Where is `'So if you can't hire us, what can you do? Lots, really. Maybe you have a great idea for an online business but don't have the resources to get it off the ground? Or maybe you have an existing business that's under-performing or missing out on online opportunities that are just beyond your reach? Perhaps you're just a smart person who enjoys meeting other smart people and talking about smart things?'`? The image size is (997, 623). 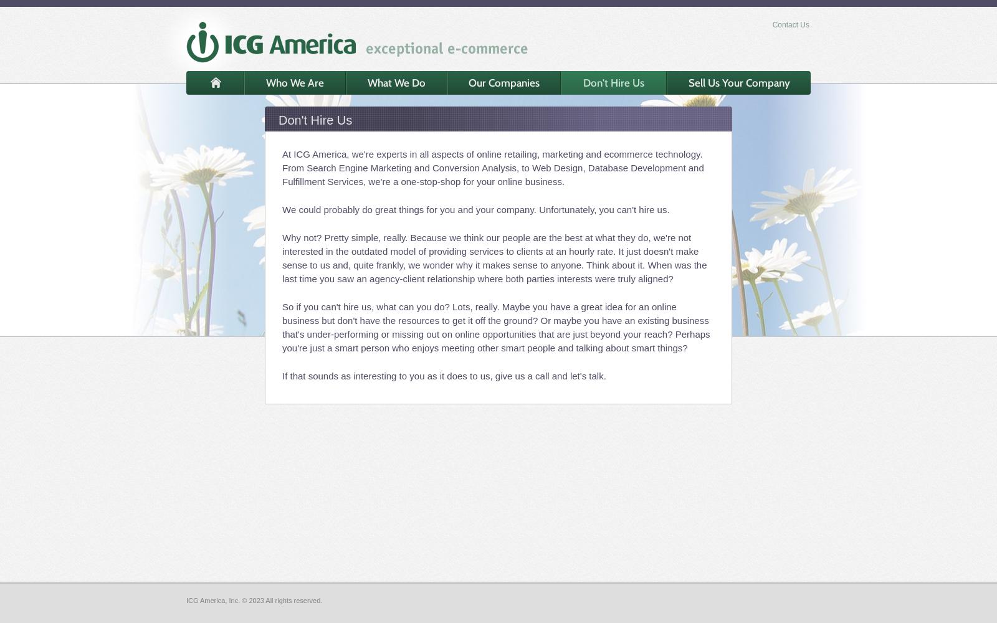 'So if you can't hire us, what can you do? Lots, really. Maybe you have a great idea for an online business but don't have the resources to get it off the ground? Or maybe you have an existing business that's under-performing or missing out on online opportunities that are just beyond your reach? Perhaps you're just a smart person who enjoys meeting other smart people and talking about smart things?' is located at coordinates (496, 327).